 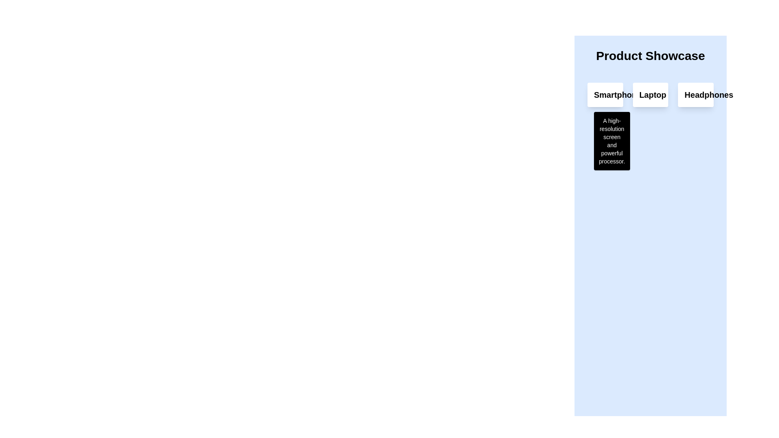 I want to click on the text element displaying 'Laptop' in bold sans-serif font, located in the second column of the grid layout between 'Smartphone' and 'Headphones', so click(x=650, y=94).